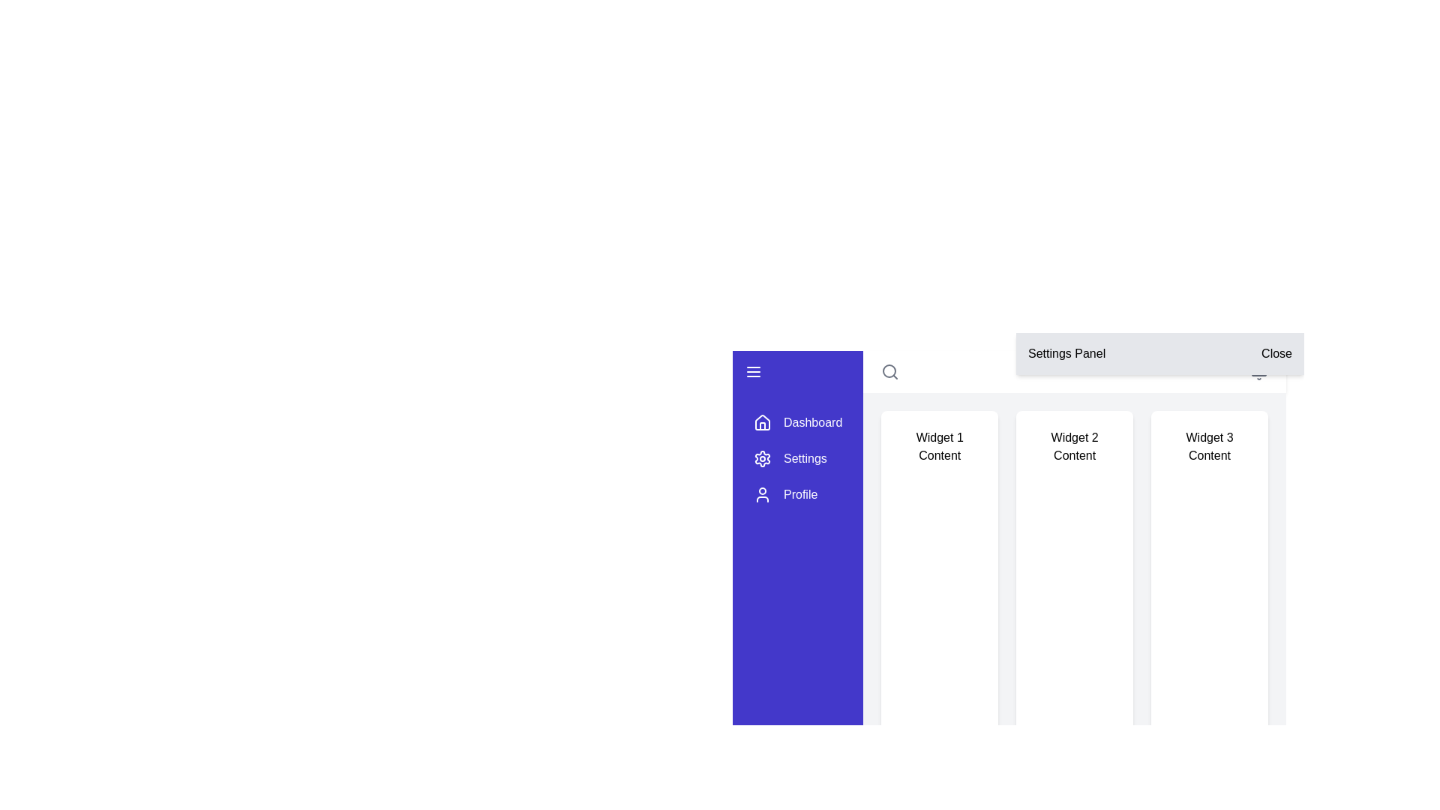 This screenshot has width=1440, height=810. Describe the element at coordinates (890, 371) in the screenshot. I see `the search icon located in the top-right corner of the main interface, which is styled with a magnifying glass graphic and outlined in gray color` at that location.